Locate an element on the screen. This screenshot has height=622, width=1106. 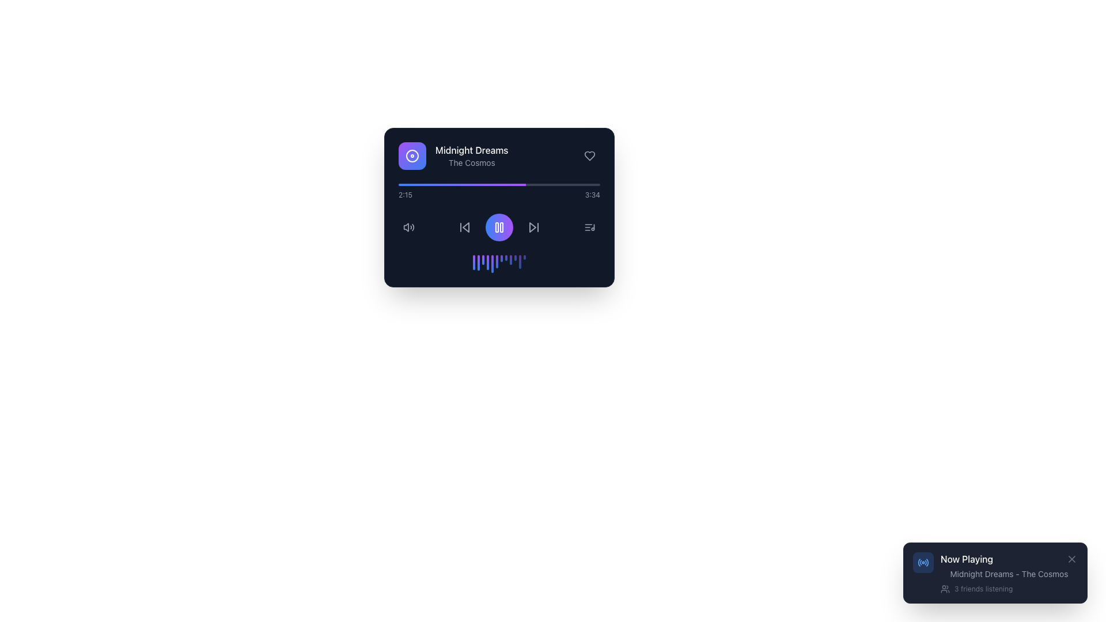
the vertically-oriented Progress Bar, which is the fifth bar from the left in the music player interface, exhibiting a gradient color from blue to purple and a pulsating animation is located at coordinates (492, 264).